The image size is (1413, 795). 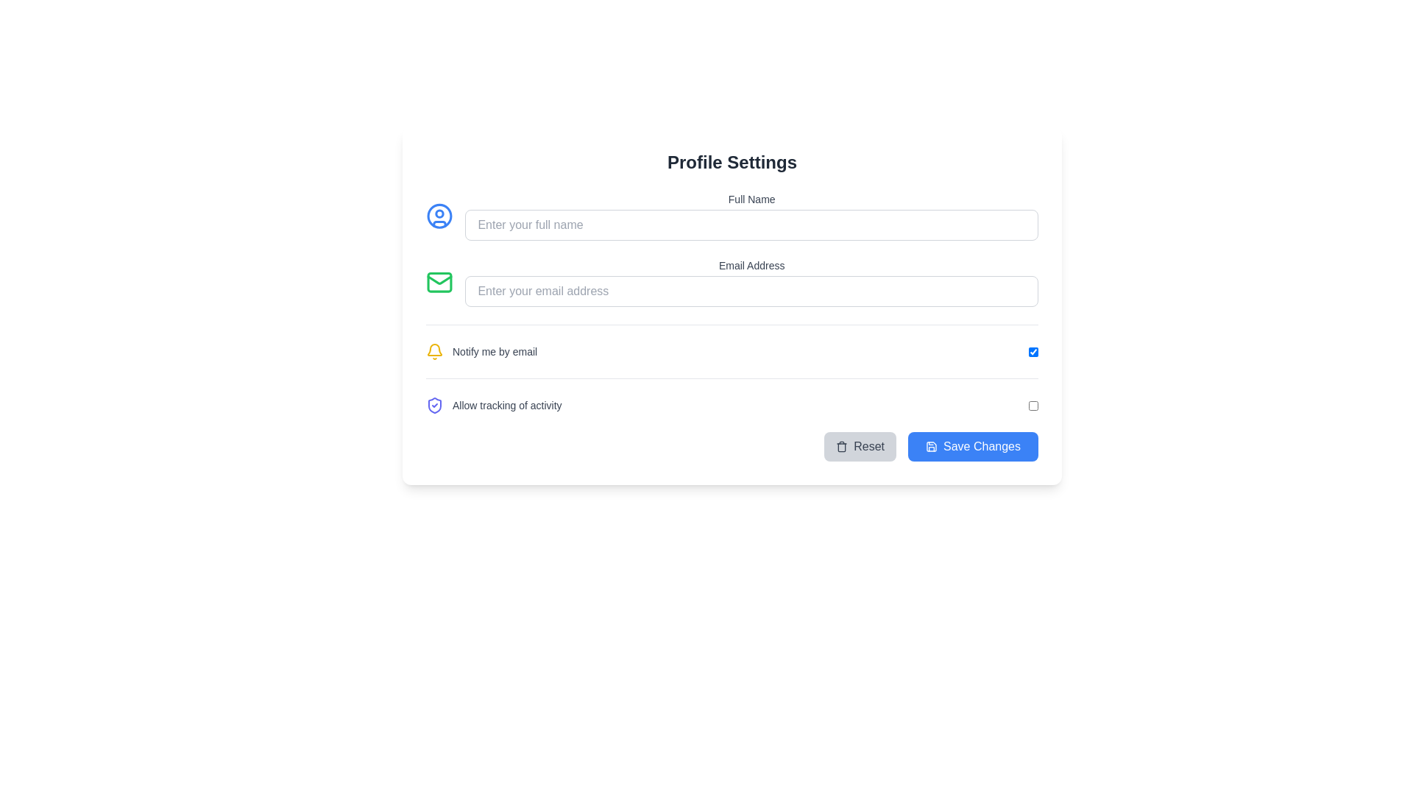 What do you see at coordinates (439, 216) in the screenshot?
I see `the decorative icon for the 'Full Name' input field, which is located on the far left of the input section, aligning with the placeholder text` at bounding box center [439, 216].